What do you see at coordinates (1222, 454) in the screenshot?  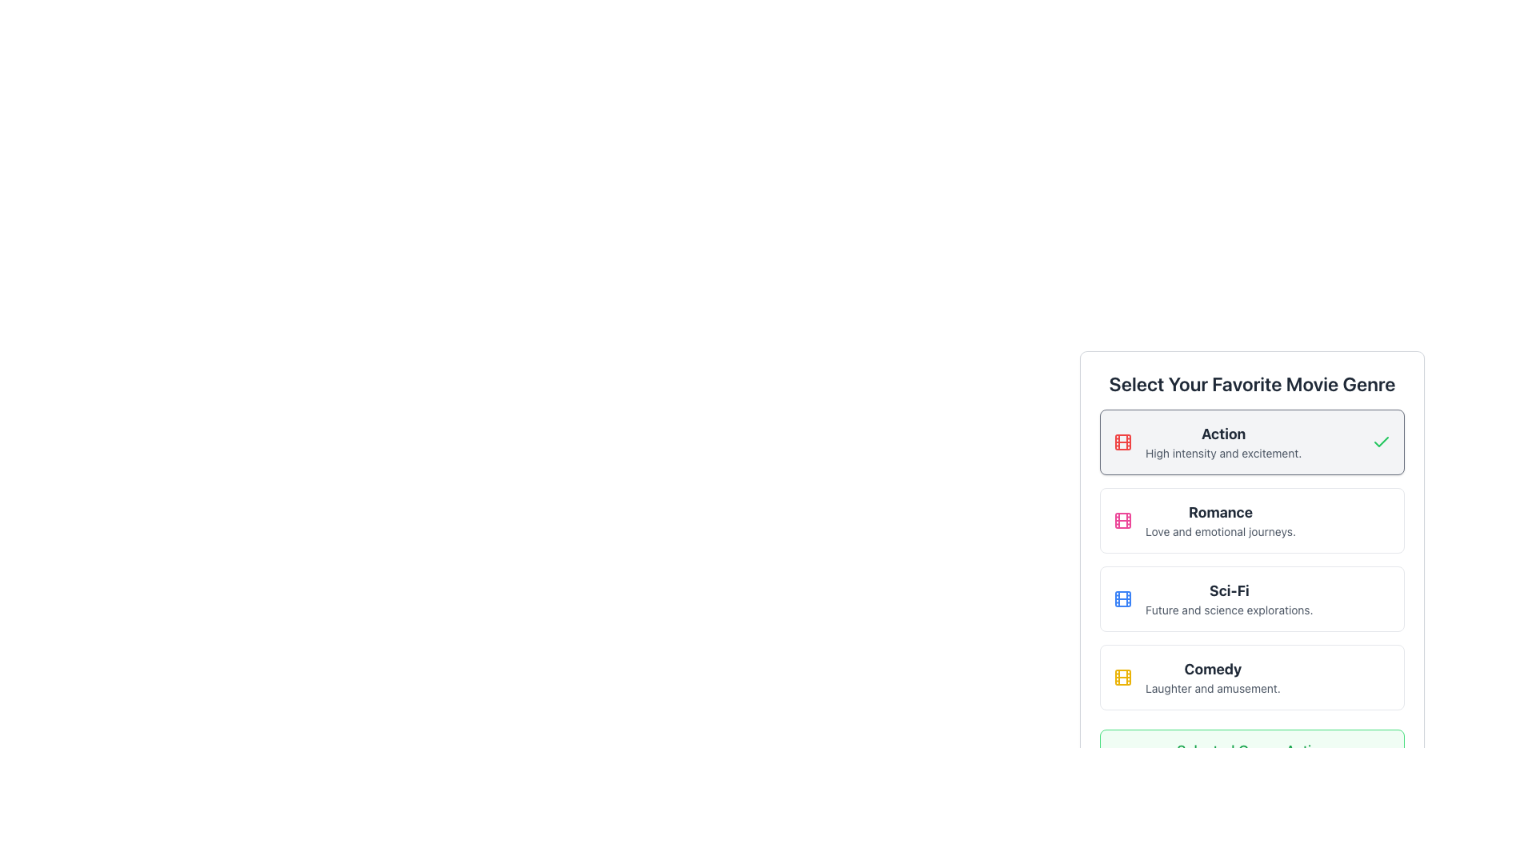 I see `static descriptive text that says 'High intensity and excitement.' positioned below the 'Action' text in the 'Select Your Favorite Movie Genre' list` at bounding box center [1222, 454].